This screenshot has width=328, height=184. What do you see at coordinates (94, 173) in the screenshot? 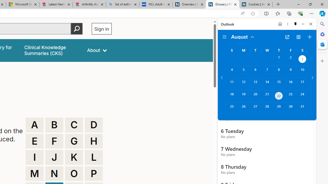
I see `'P'` at bounding box center [94, 173].